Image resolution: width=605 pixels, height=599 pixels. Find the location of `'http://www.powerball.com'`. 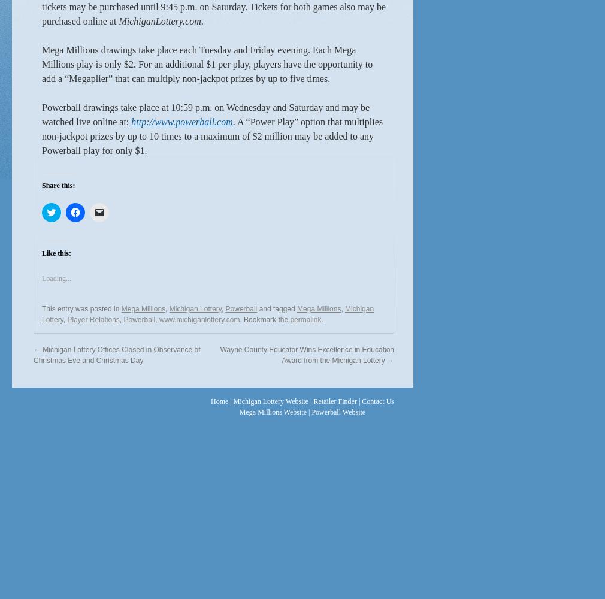

'http://www.powerball.com' is located at coordinates (181, 120).